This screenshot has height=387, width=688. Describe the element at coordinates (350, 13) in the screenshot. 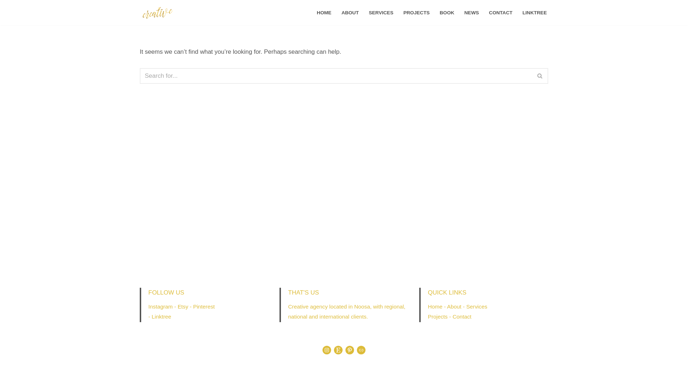

I see `'ABOUT'` at that location.